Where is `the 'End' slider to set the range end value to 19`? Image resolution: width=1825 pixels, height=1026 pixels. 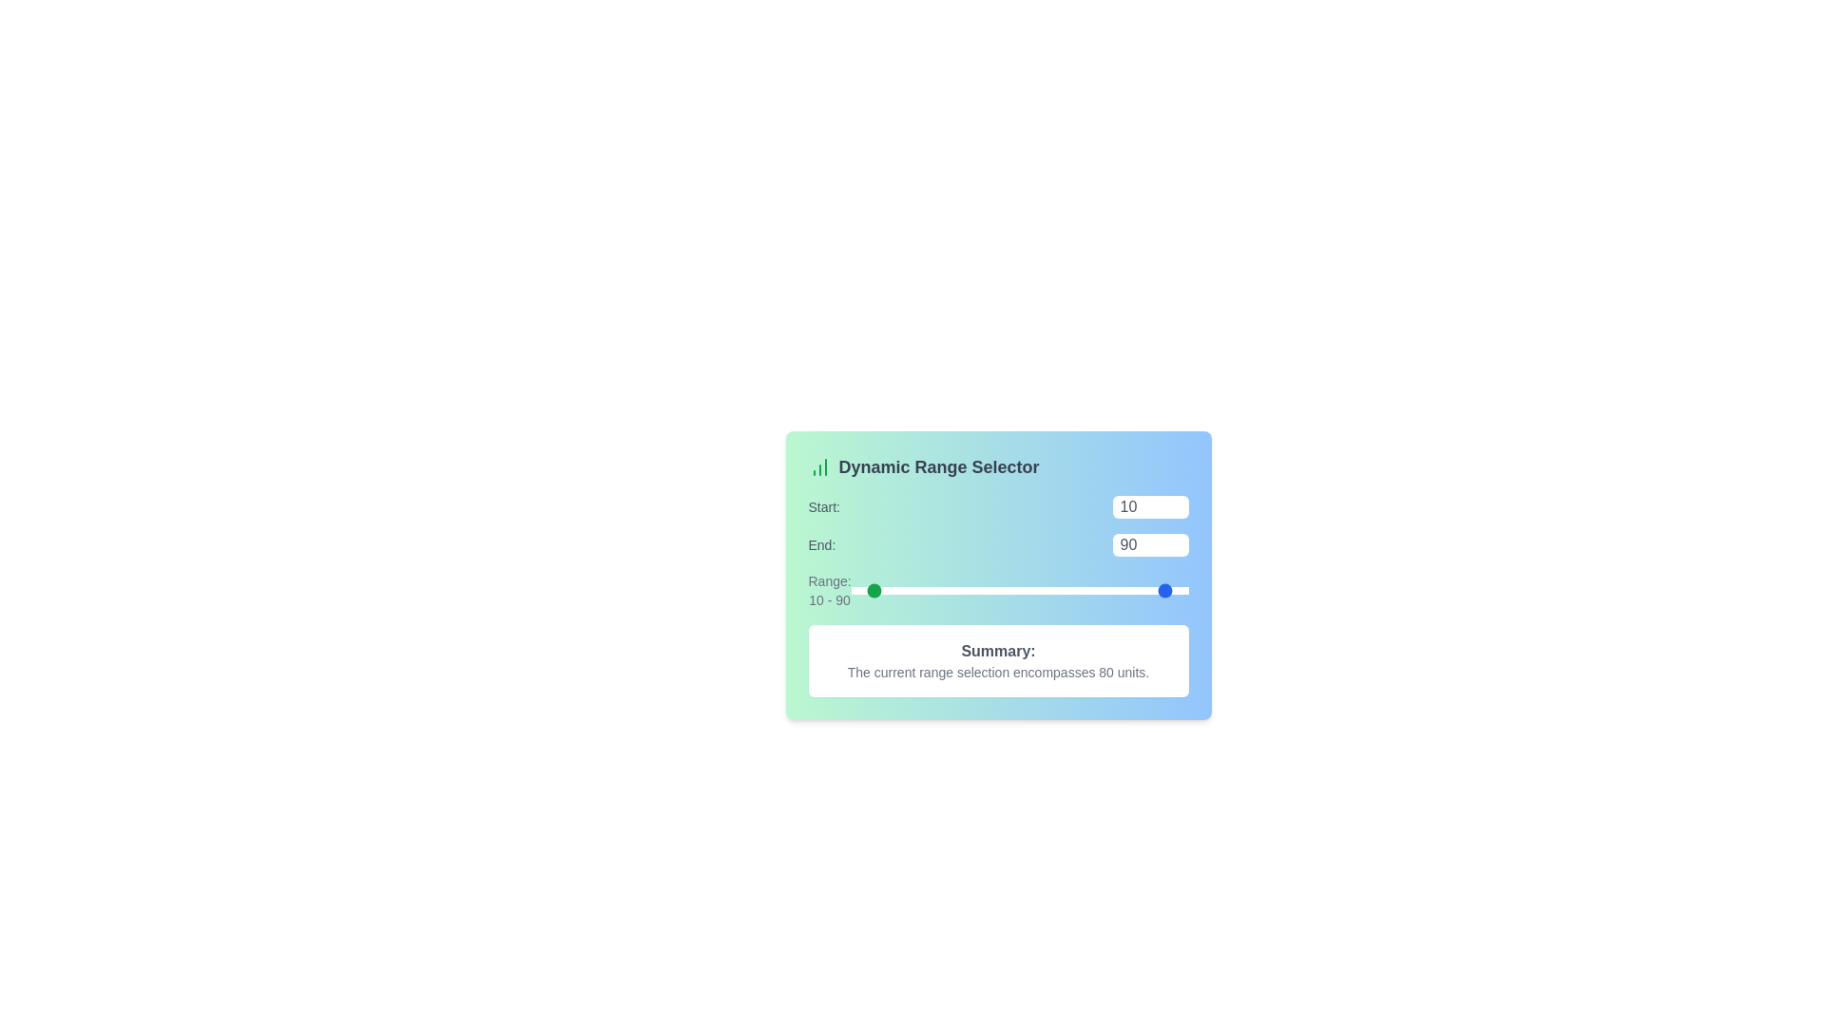
the 'End' slider to set the range end value to 19 is located at coordinates (1050, 589).